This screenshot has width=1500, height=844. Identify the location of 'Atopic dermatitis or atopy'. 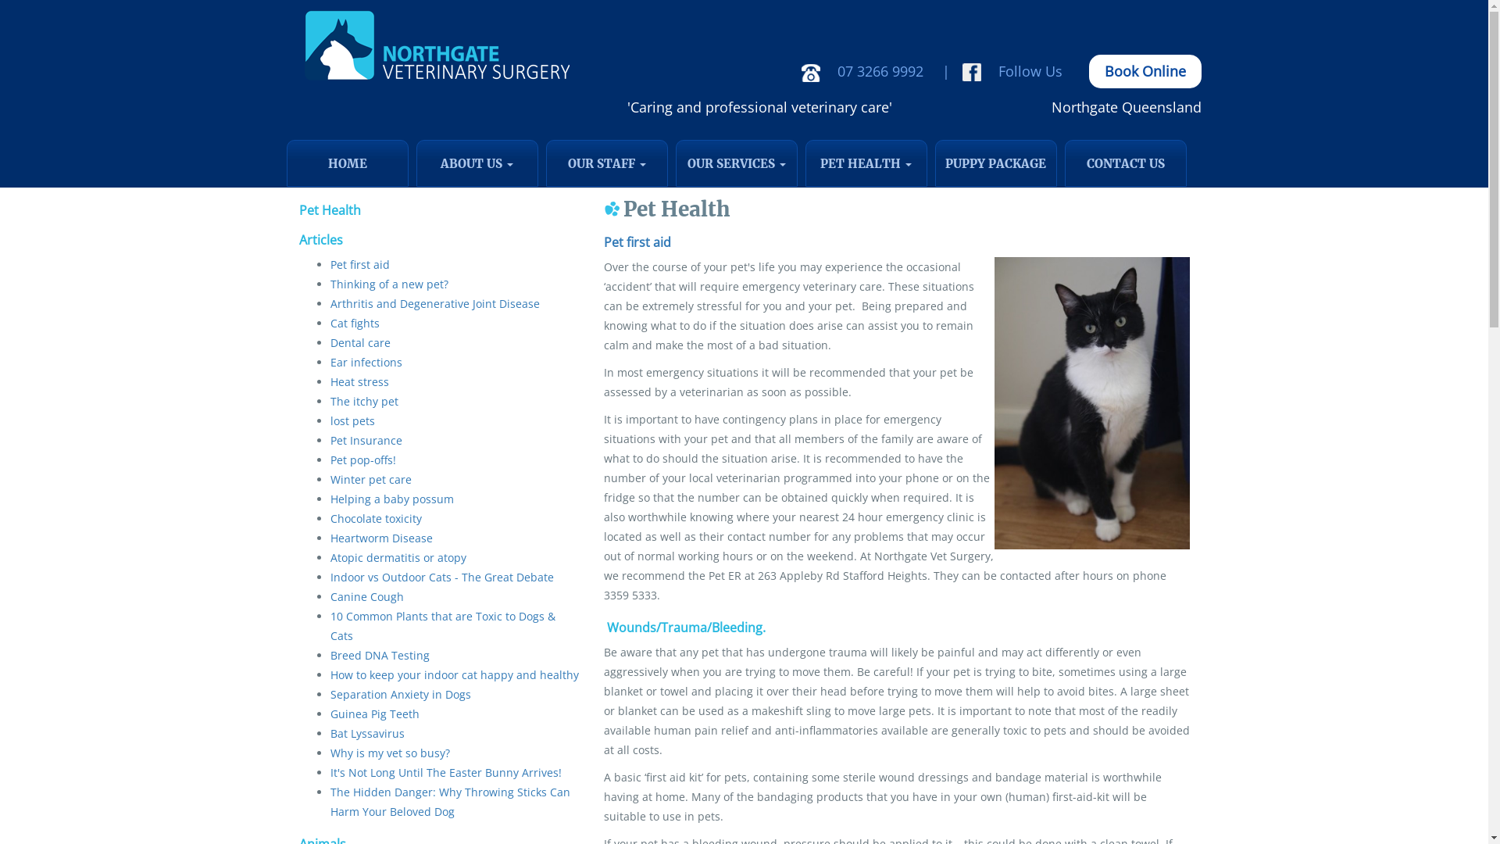
(397, 556).